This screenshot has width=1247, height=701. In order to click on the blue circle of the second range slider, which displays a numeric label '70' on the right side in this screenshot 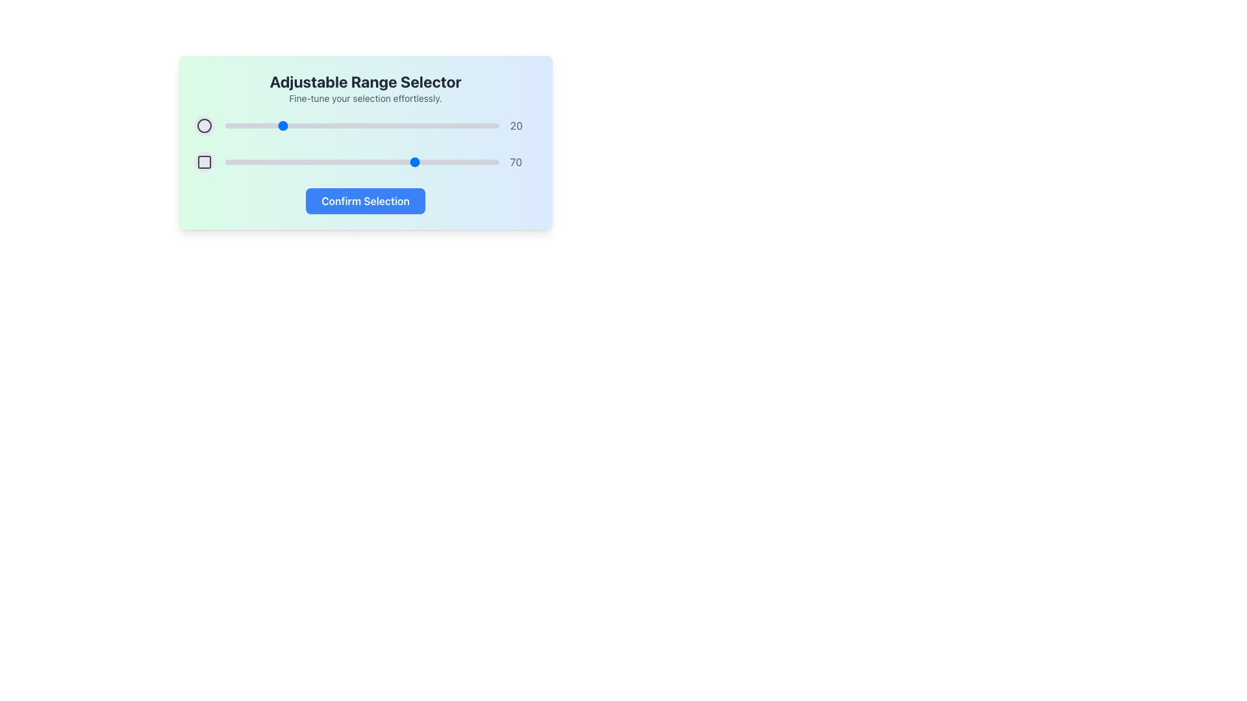, I will do `click(364, 162)`.